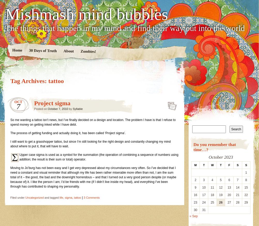 Image resolution: width=259 pixels, height=226 pixels. What do you see at coordinates (208, 157) in the screenshot?
I see `'October 2023'` at bounding box center [208, 157].